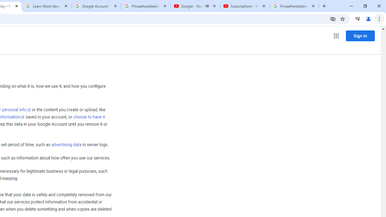  What do you see at coordinates (245, 6) in the screenshot?
I see `'Subscriptions - YouTube'` at bounding box center [245, 6].